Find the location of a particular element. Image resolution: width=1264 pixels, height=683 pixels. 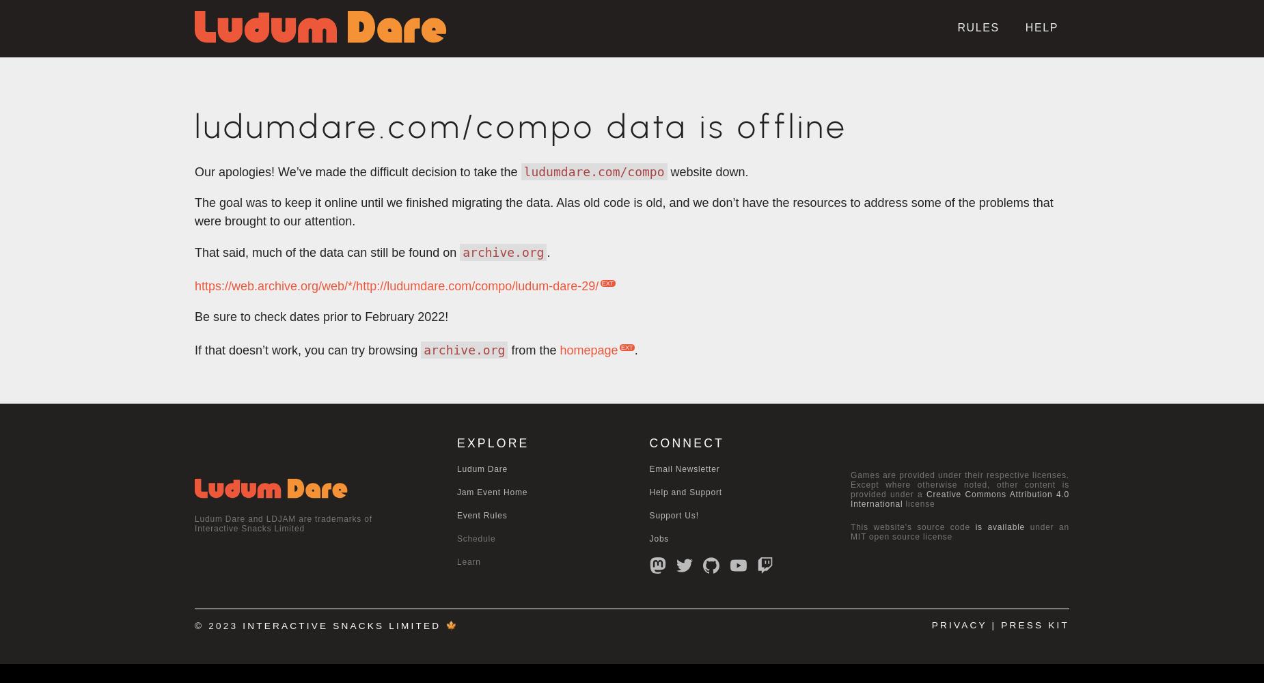

'RULES' is located at coordinates (978, 27).